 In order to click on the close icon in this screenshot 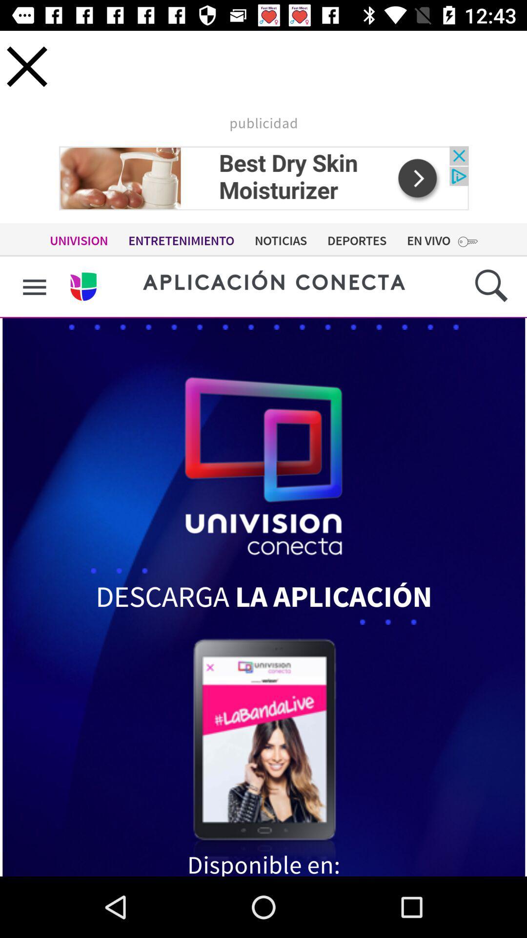, I will do `click(26, 66)`.